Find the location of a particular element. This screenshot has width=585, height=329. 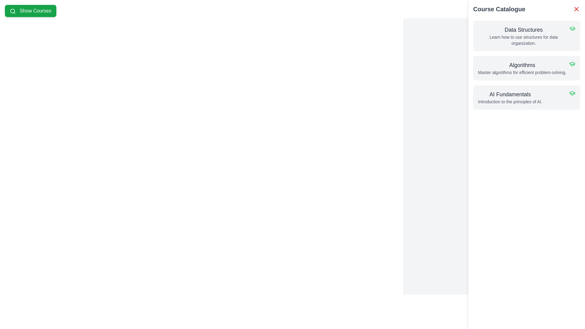

the magnifying glass icon located to the left of the 'Show Courses' button text label is located at coordinates (13, 11).